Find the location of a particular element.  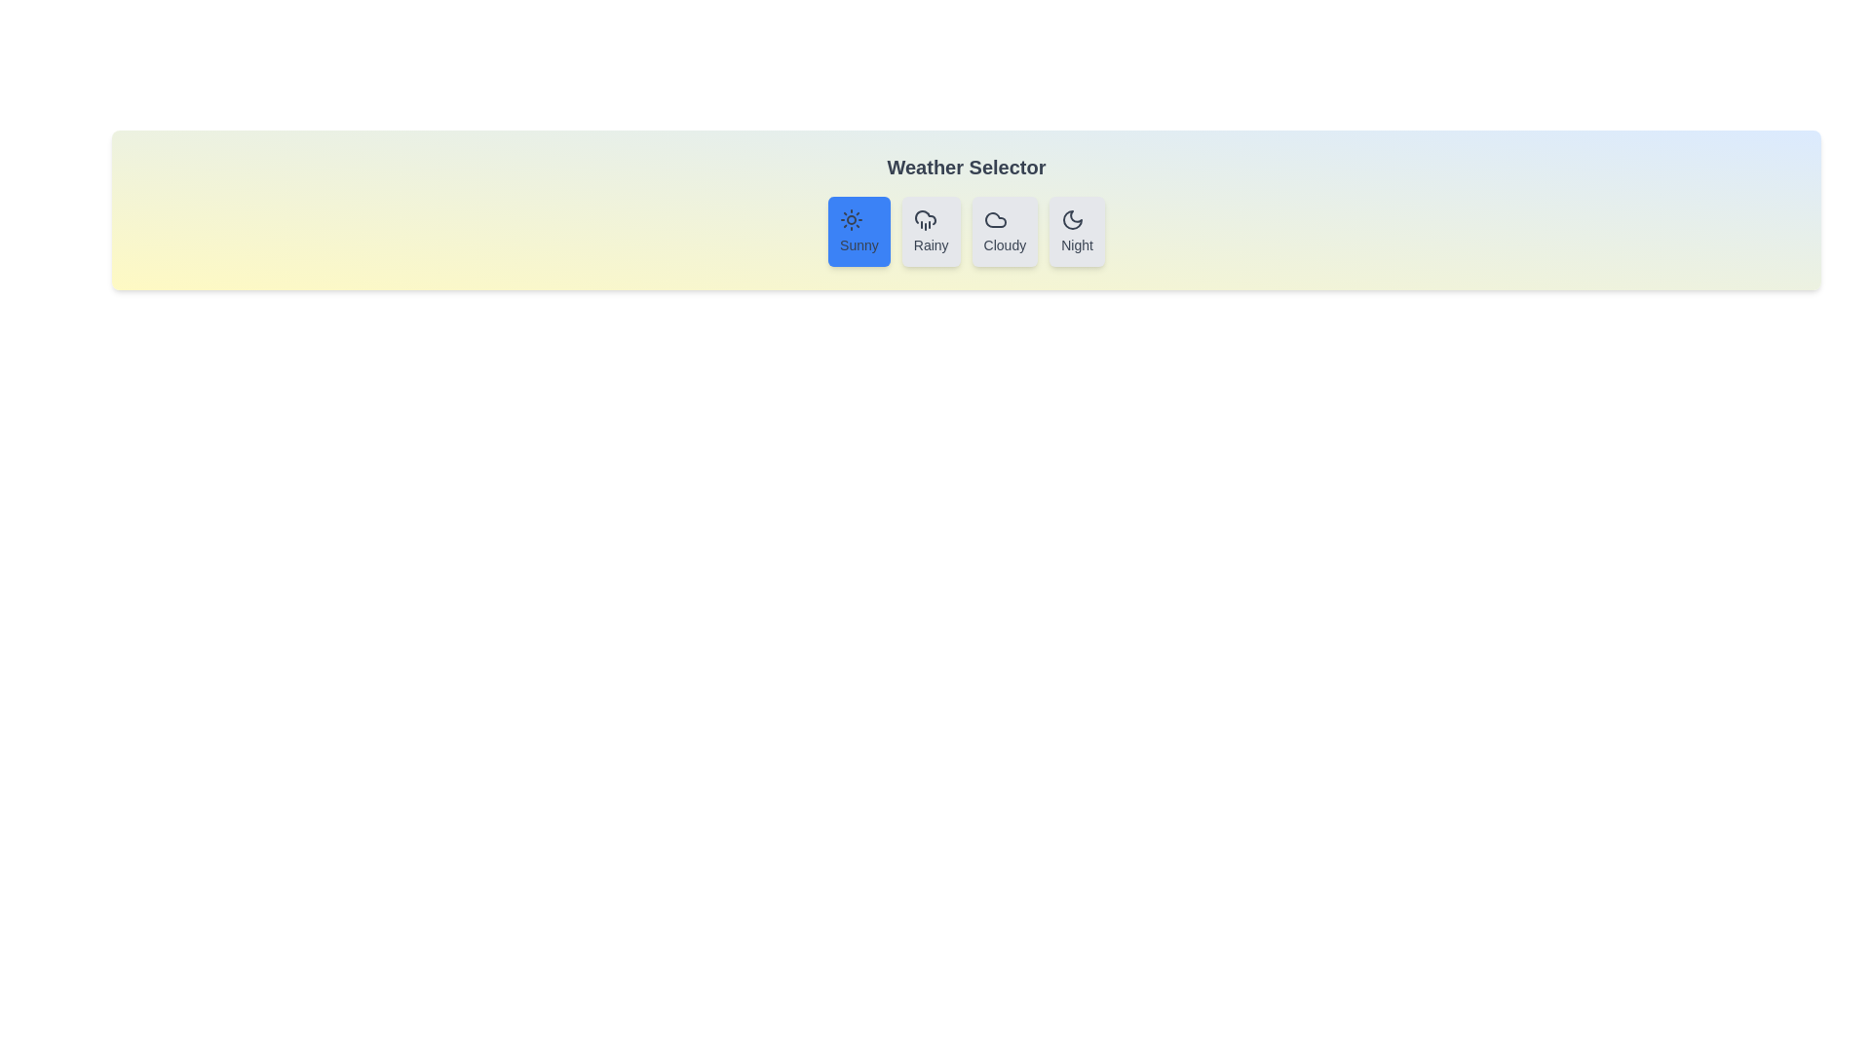

the button corresponding to the weather option Sunny is located at coordinates (859, 231).